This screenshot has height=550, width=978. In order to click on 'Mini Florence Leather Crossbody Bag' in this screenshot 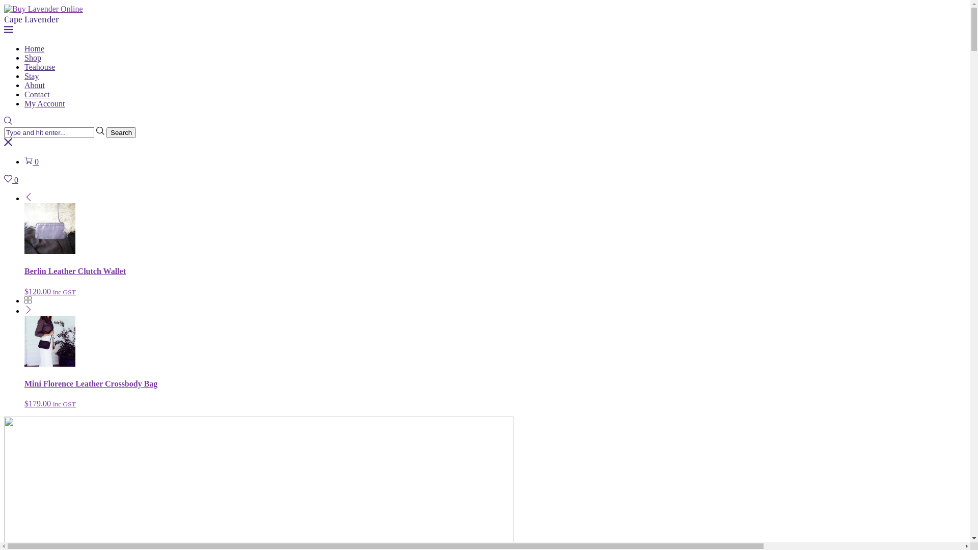, I will do `click(91, 383)`.